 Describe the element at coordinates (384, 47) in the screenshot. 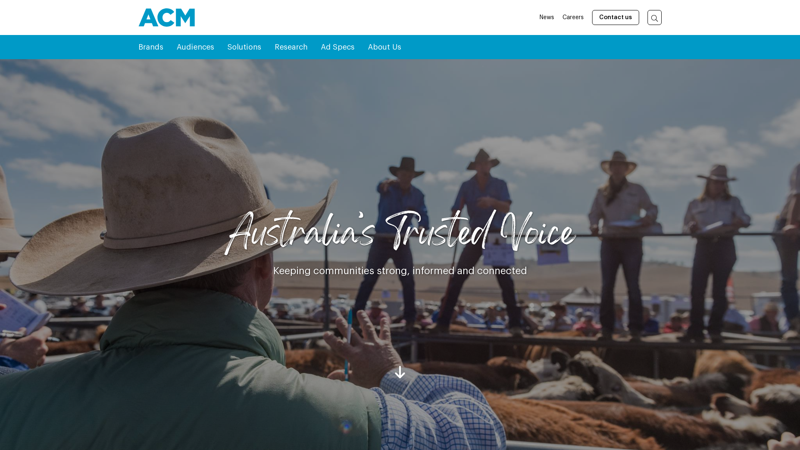

I see `'About Us'` at that location.